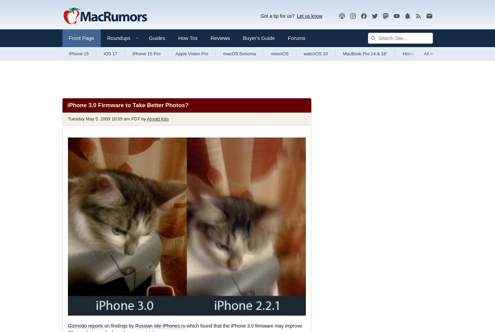 This screenshot has width=495, height=332. I want to click on 'Front Page', so click(68, 37).